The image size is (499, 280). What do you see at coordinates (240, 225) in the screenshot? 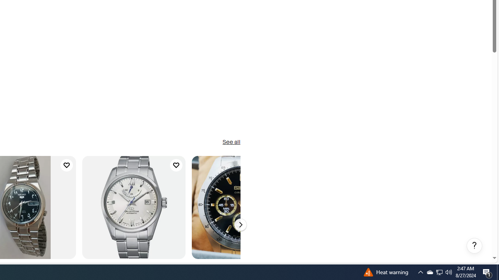
I see `'Go to the next slide, Wristwatches - Carousel'` at bounding box center [240, 225].